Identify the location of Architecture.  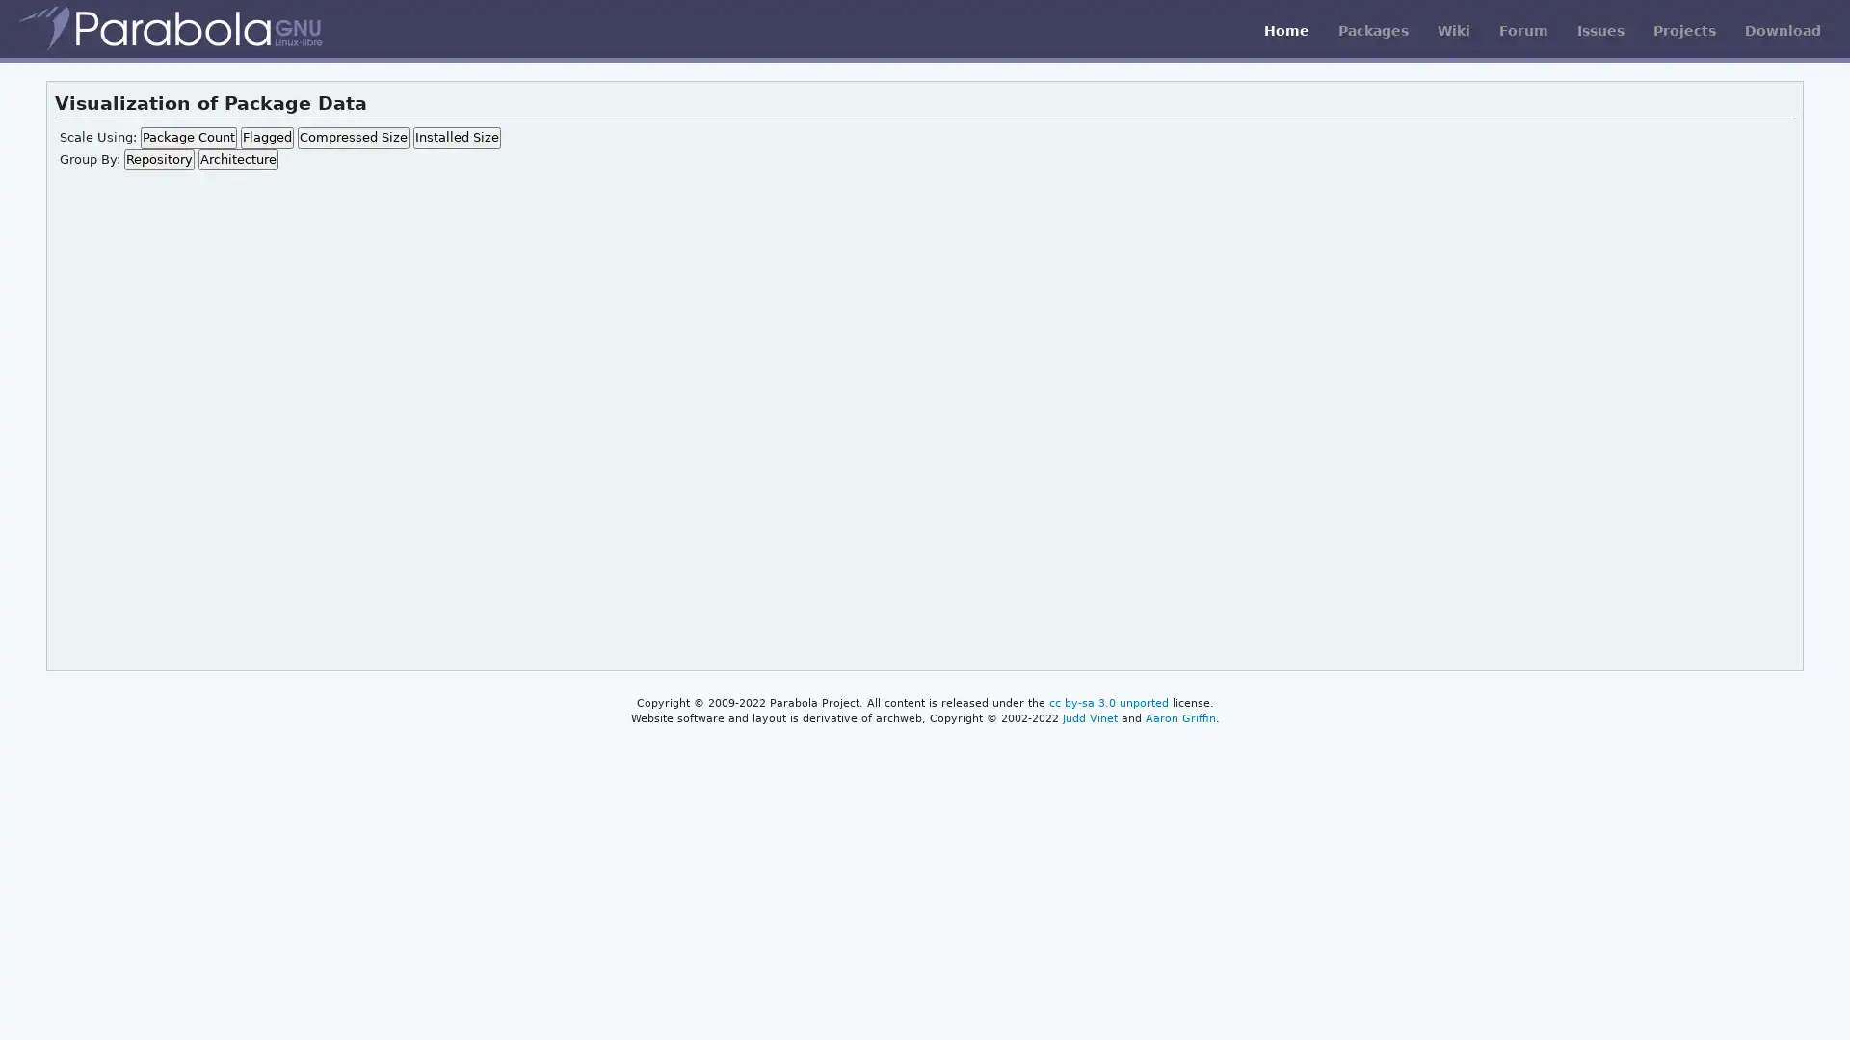
(236, 158).